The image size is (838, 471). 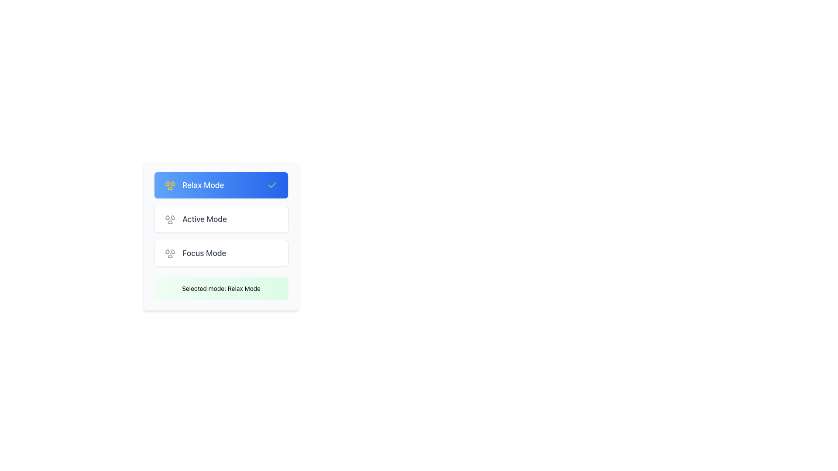 I want to click on the 'Focus Mode' option element which has a gray radiation icon on the left and a text label on the right, located in the middle-bottom part of the interface, so click(x=195, y=253).